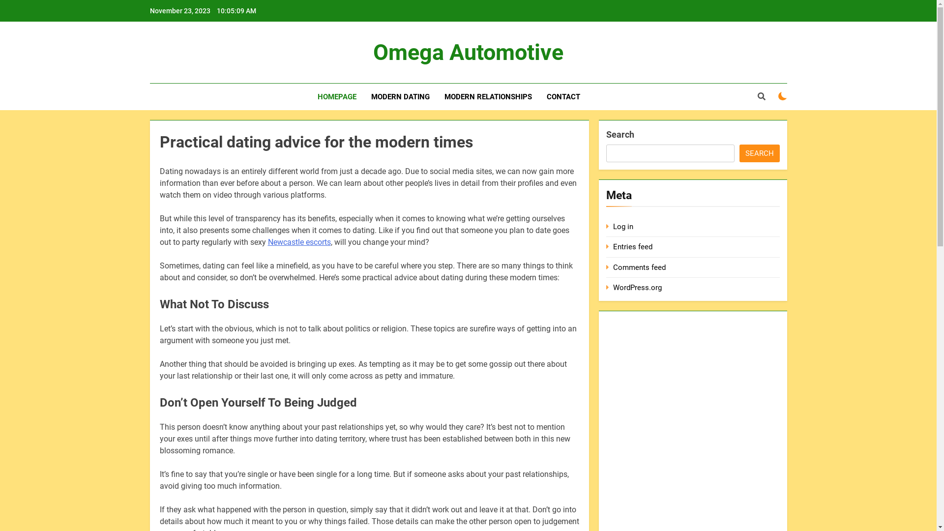 This screenshot has width=944, height=531. Describe the element at coordinates (622, 227) in the screenshot. I see `'Log in'` at that location.